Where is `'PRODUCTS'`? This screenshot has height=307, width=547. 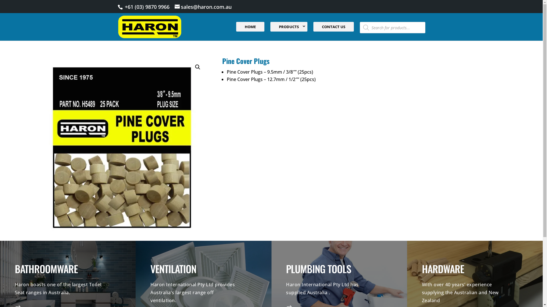
'PRODUCTS' is located at coordinates (289, 26).